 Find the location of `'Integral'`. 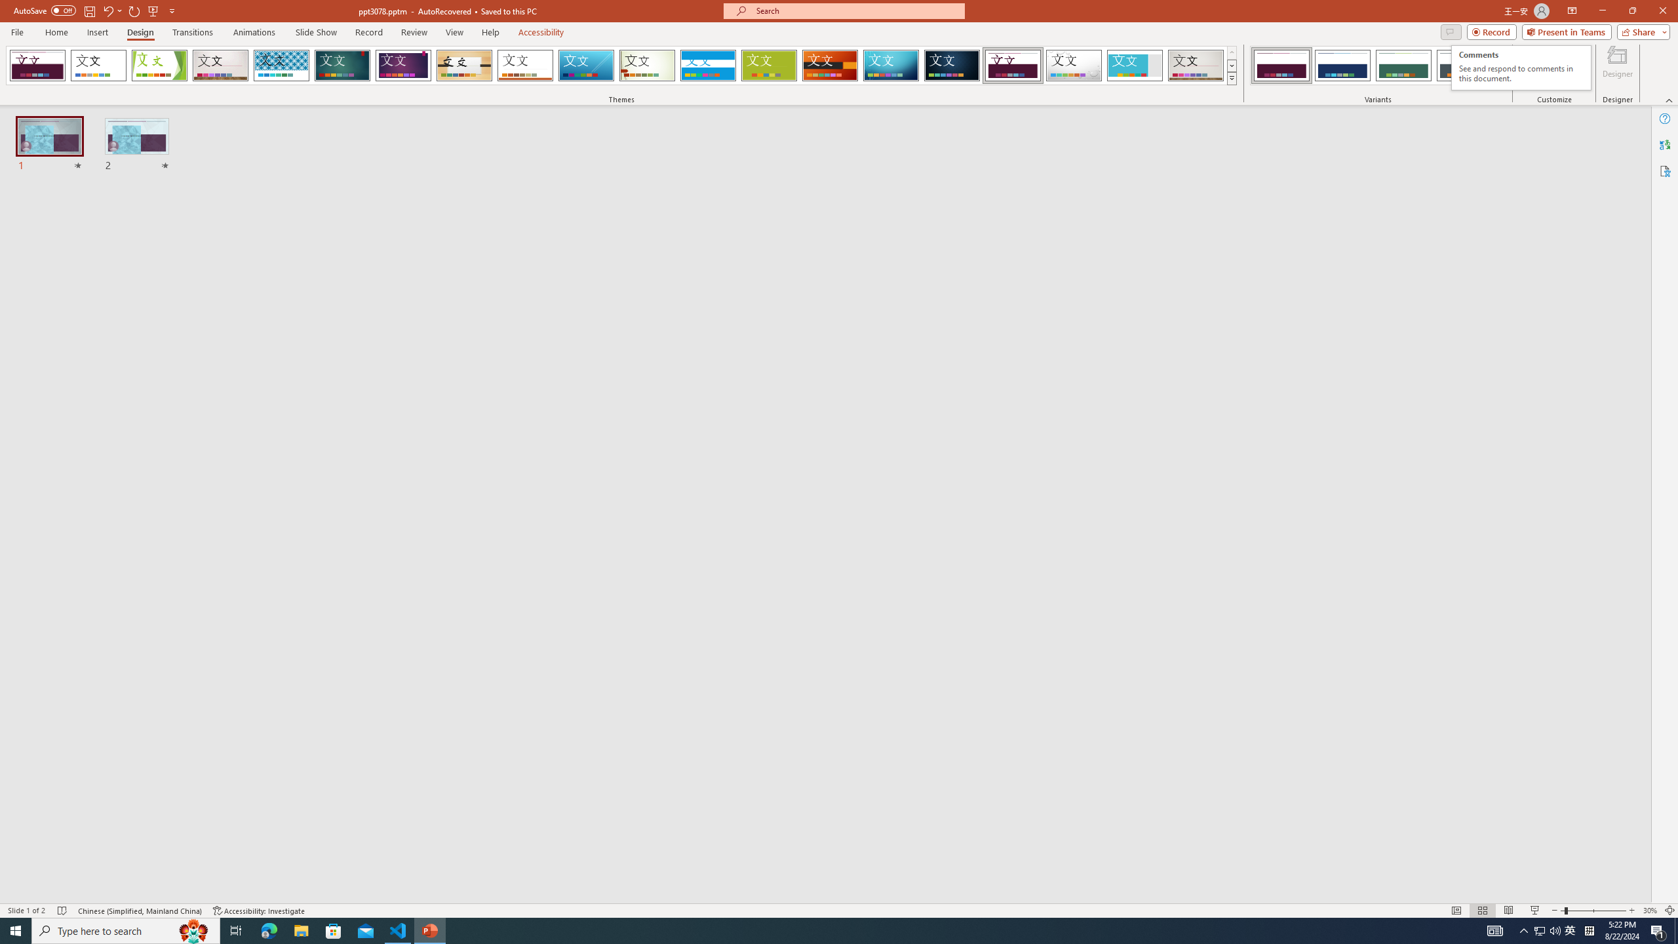

'Integral' is located at coordinates (281, 65).